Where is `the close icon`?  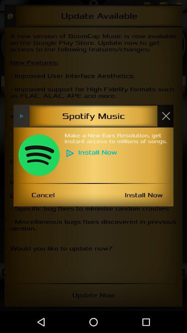 the close icon is located at coordinates (166, 116).